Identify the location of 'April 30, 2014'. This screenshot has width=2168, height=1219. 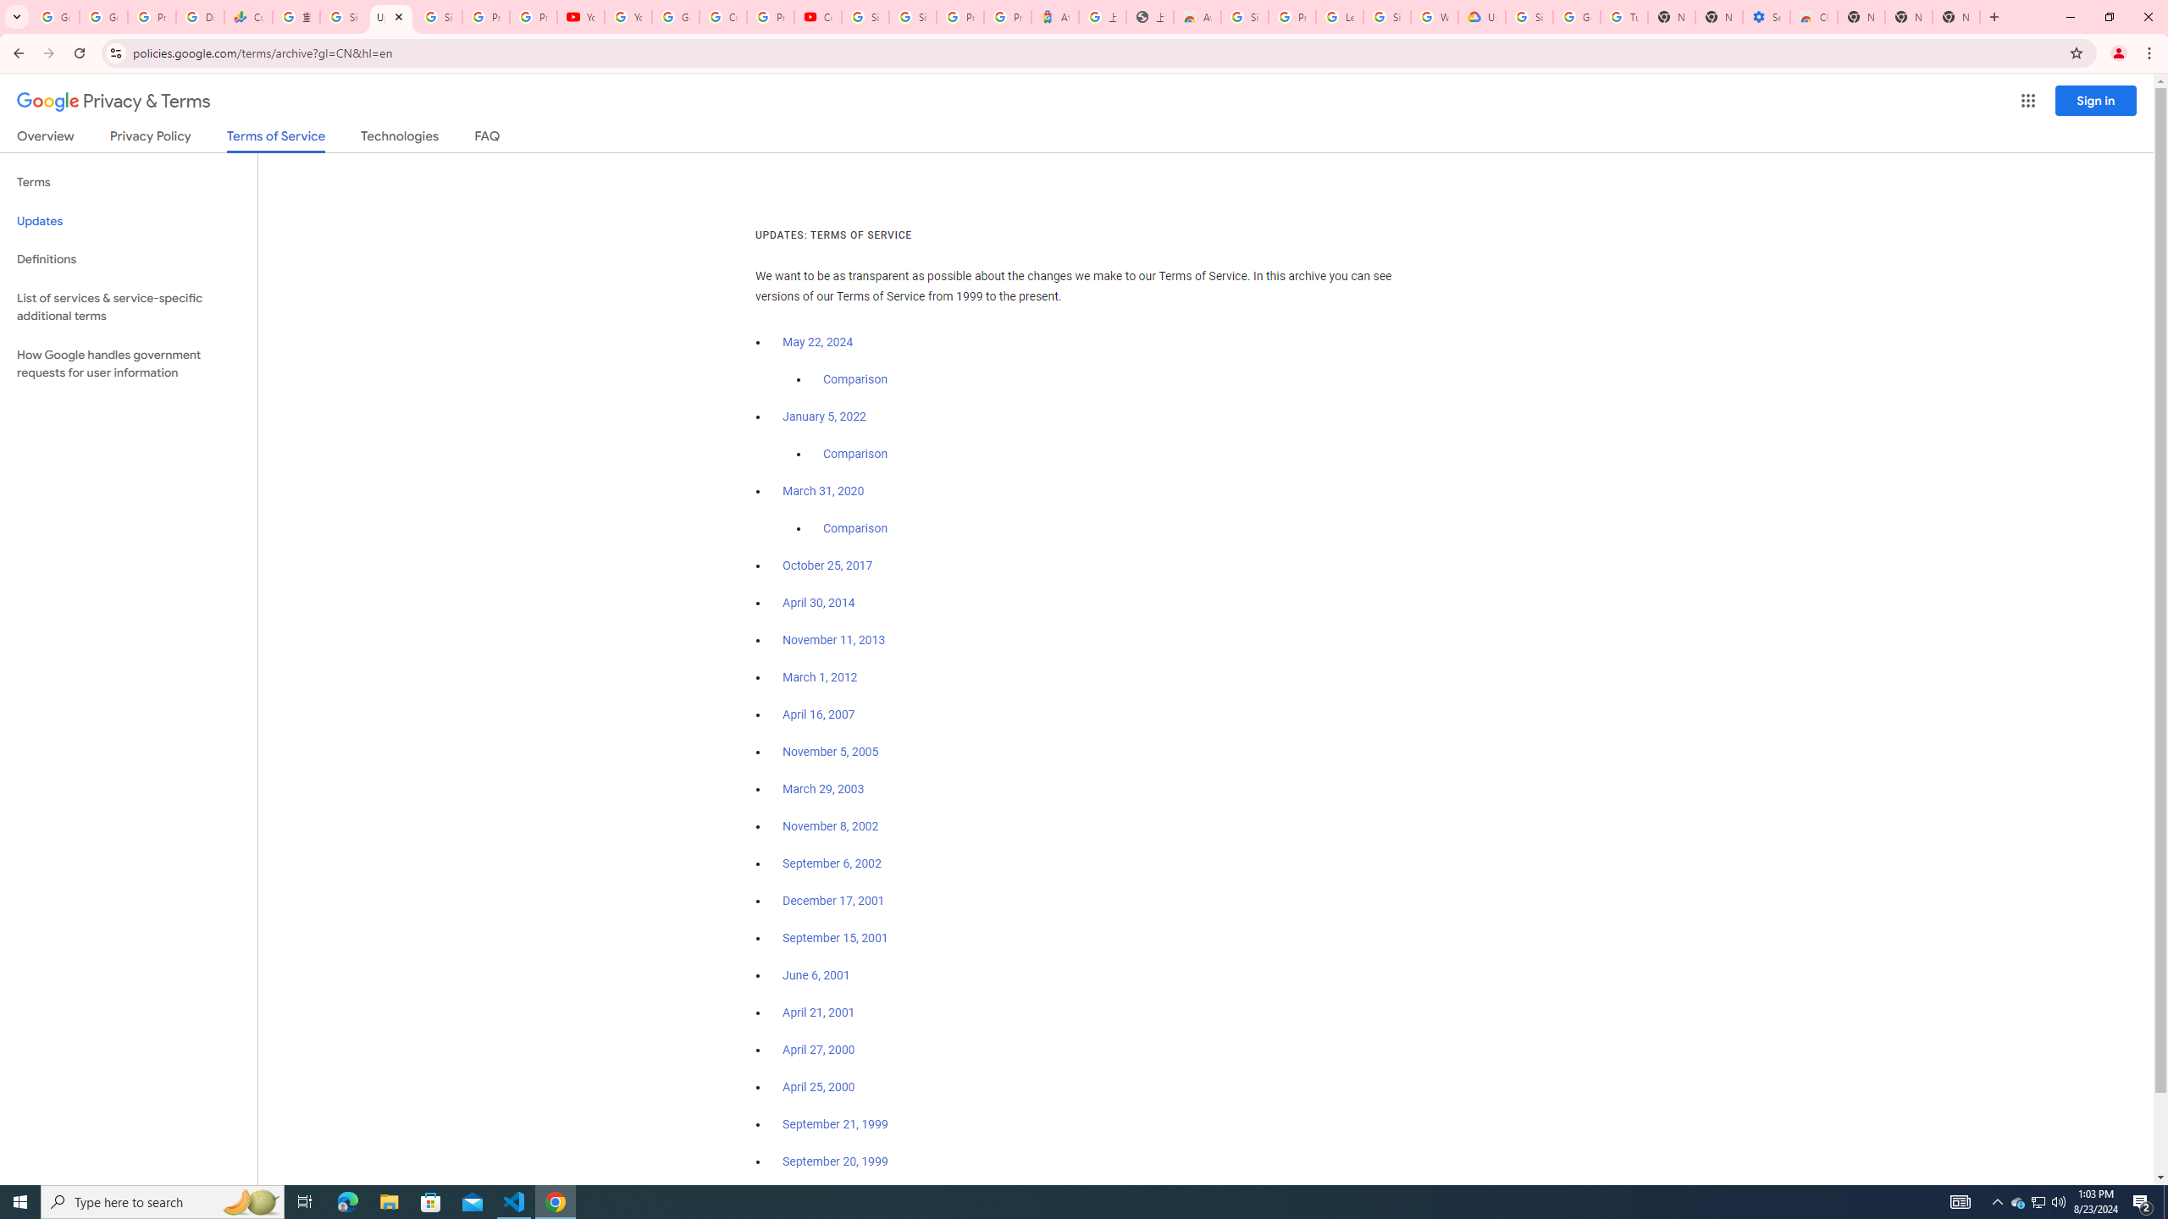
(818, 603).